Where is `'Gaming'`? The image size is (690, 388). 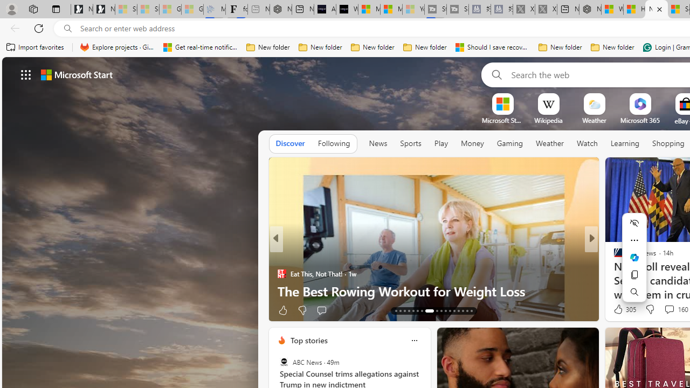 'Gaming' is located at coordinates (509, 143).